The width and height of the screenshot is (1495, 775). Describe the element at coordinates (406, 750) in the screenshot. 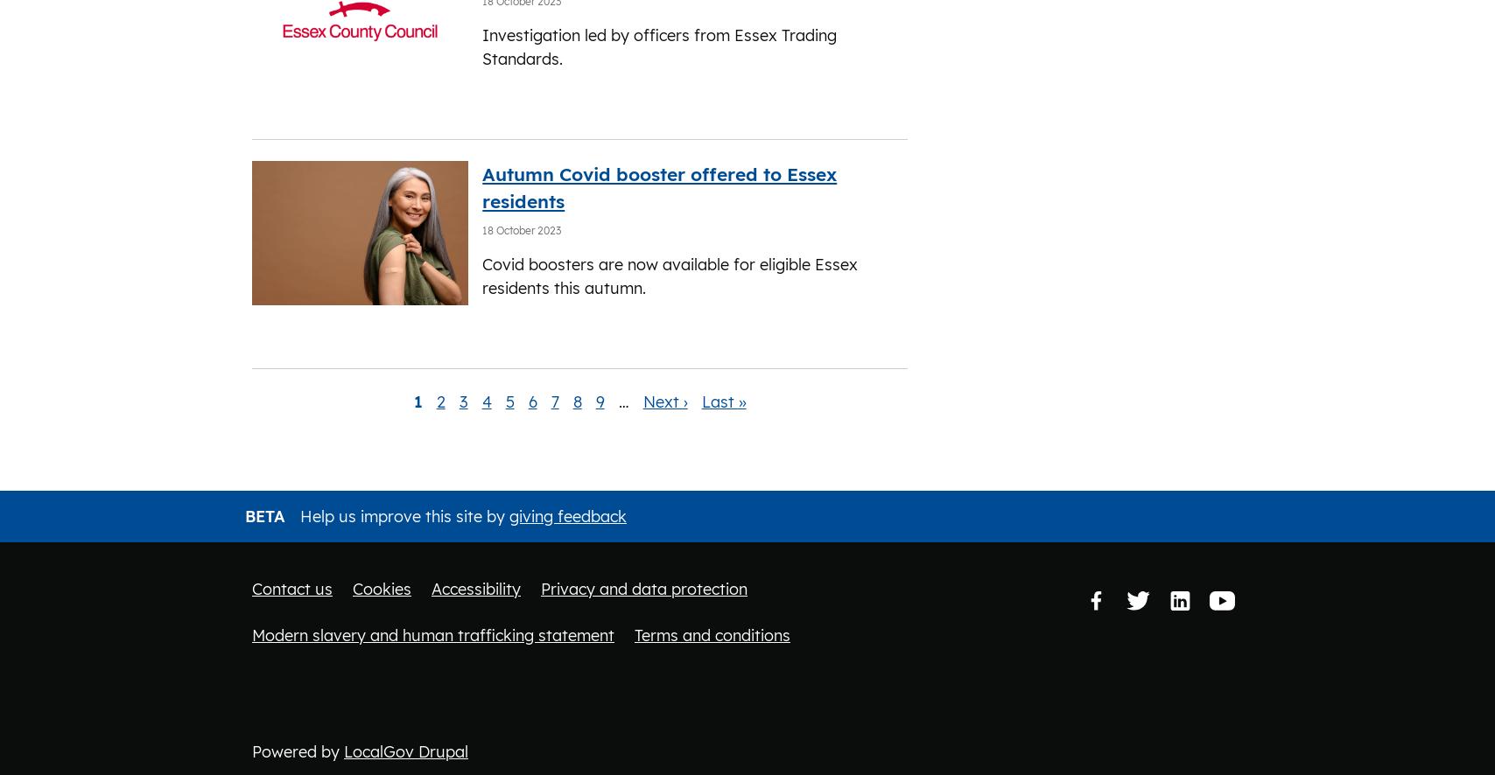

I see `'LocalGov Drupal'` at that location.